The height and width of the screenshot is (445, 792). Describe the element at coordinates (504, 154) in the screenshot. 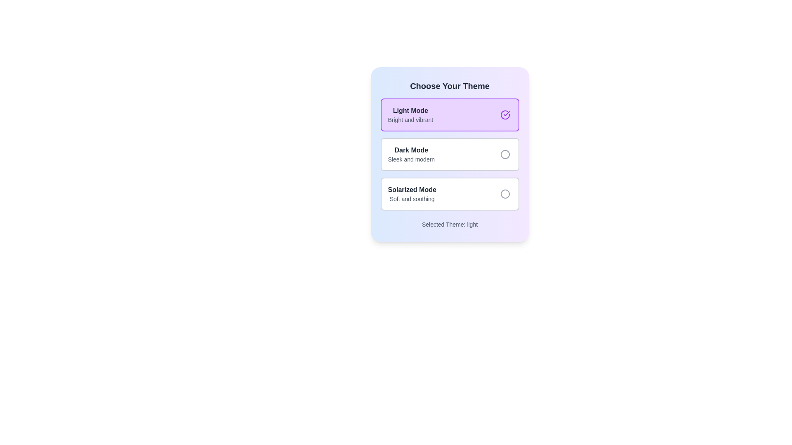

I see `the 'Dark Mode' radio button icon` at that location.